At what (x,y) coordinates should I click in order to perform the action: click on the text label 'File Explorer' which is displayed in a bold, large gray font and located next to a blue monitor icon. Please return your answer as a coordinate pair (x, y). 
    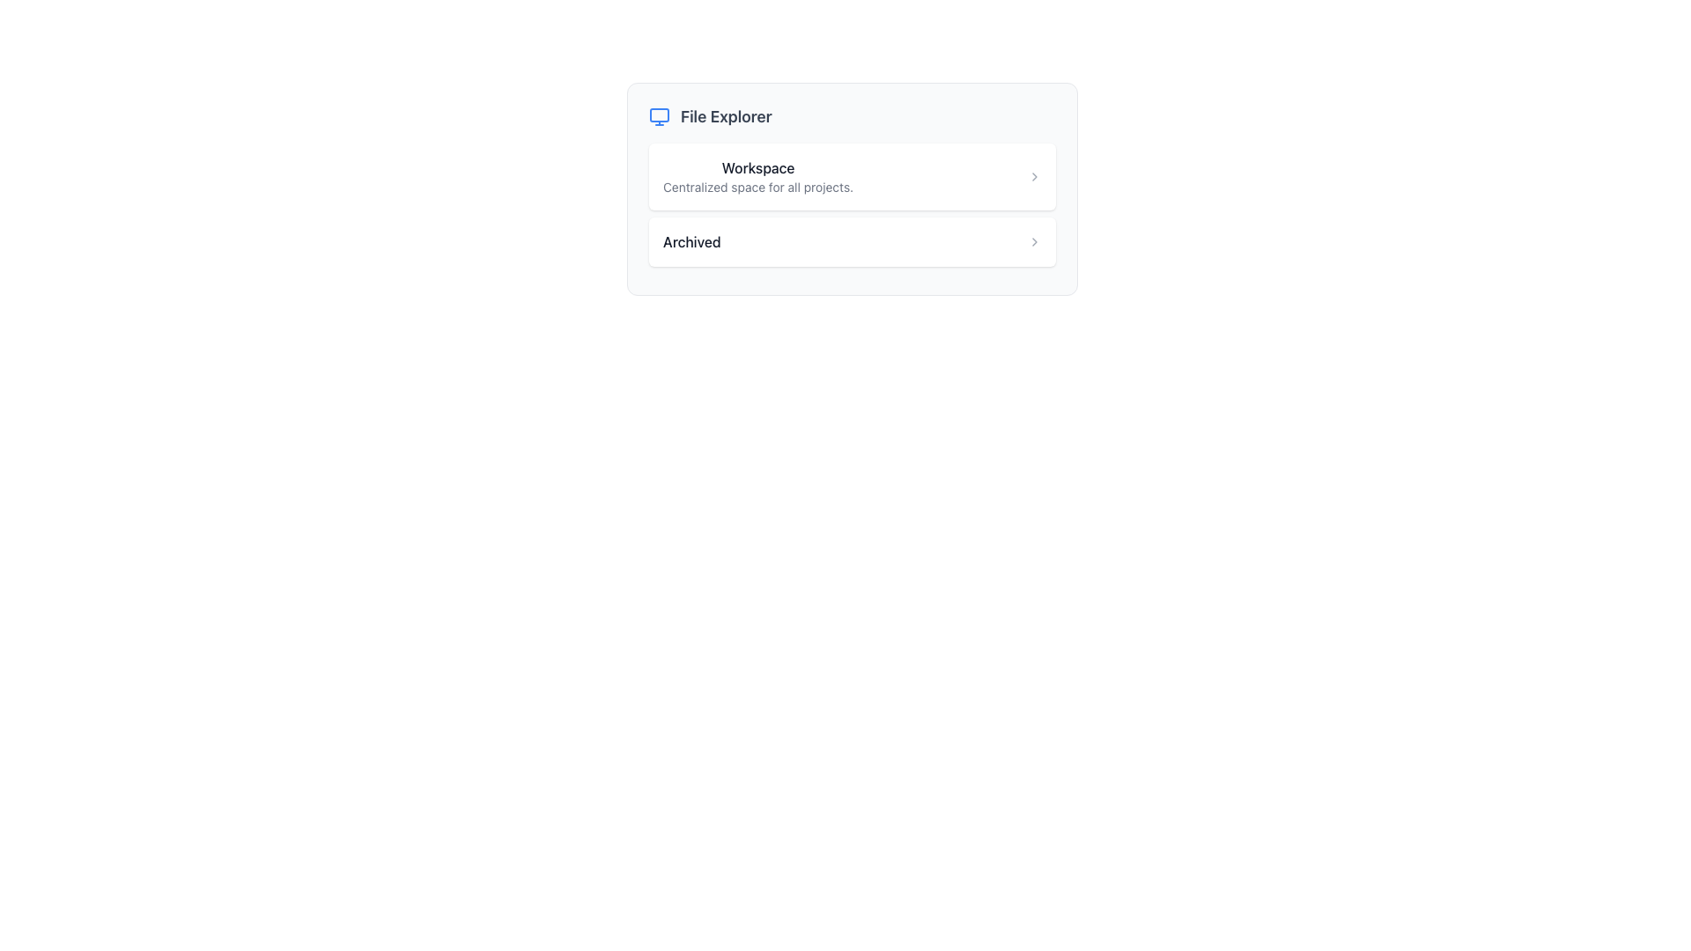
    Looking at the image, I should click on (726, 116).